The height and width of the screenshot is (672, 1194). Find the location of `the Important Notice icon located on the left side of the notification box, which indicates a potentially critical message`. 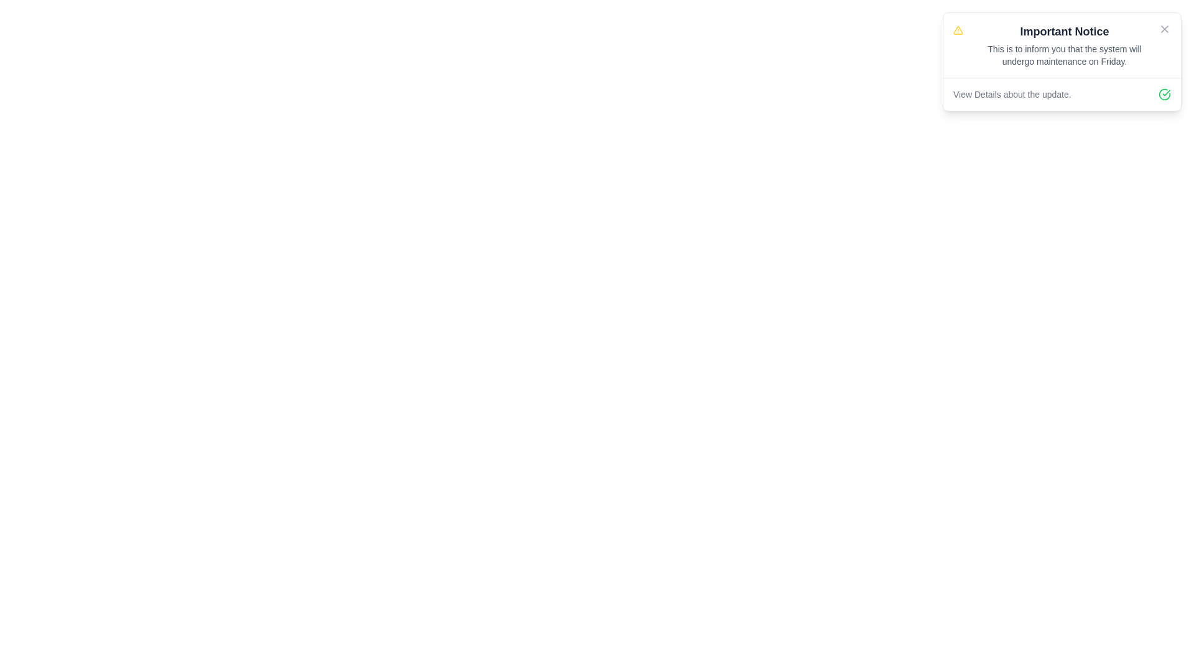

the Important Notice icon located on the left side of the notification box, which indicates a potentially critical message is located at coordinates (957, 30).